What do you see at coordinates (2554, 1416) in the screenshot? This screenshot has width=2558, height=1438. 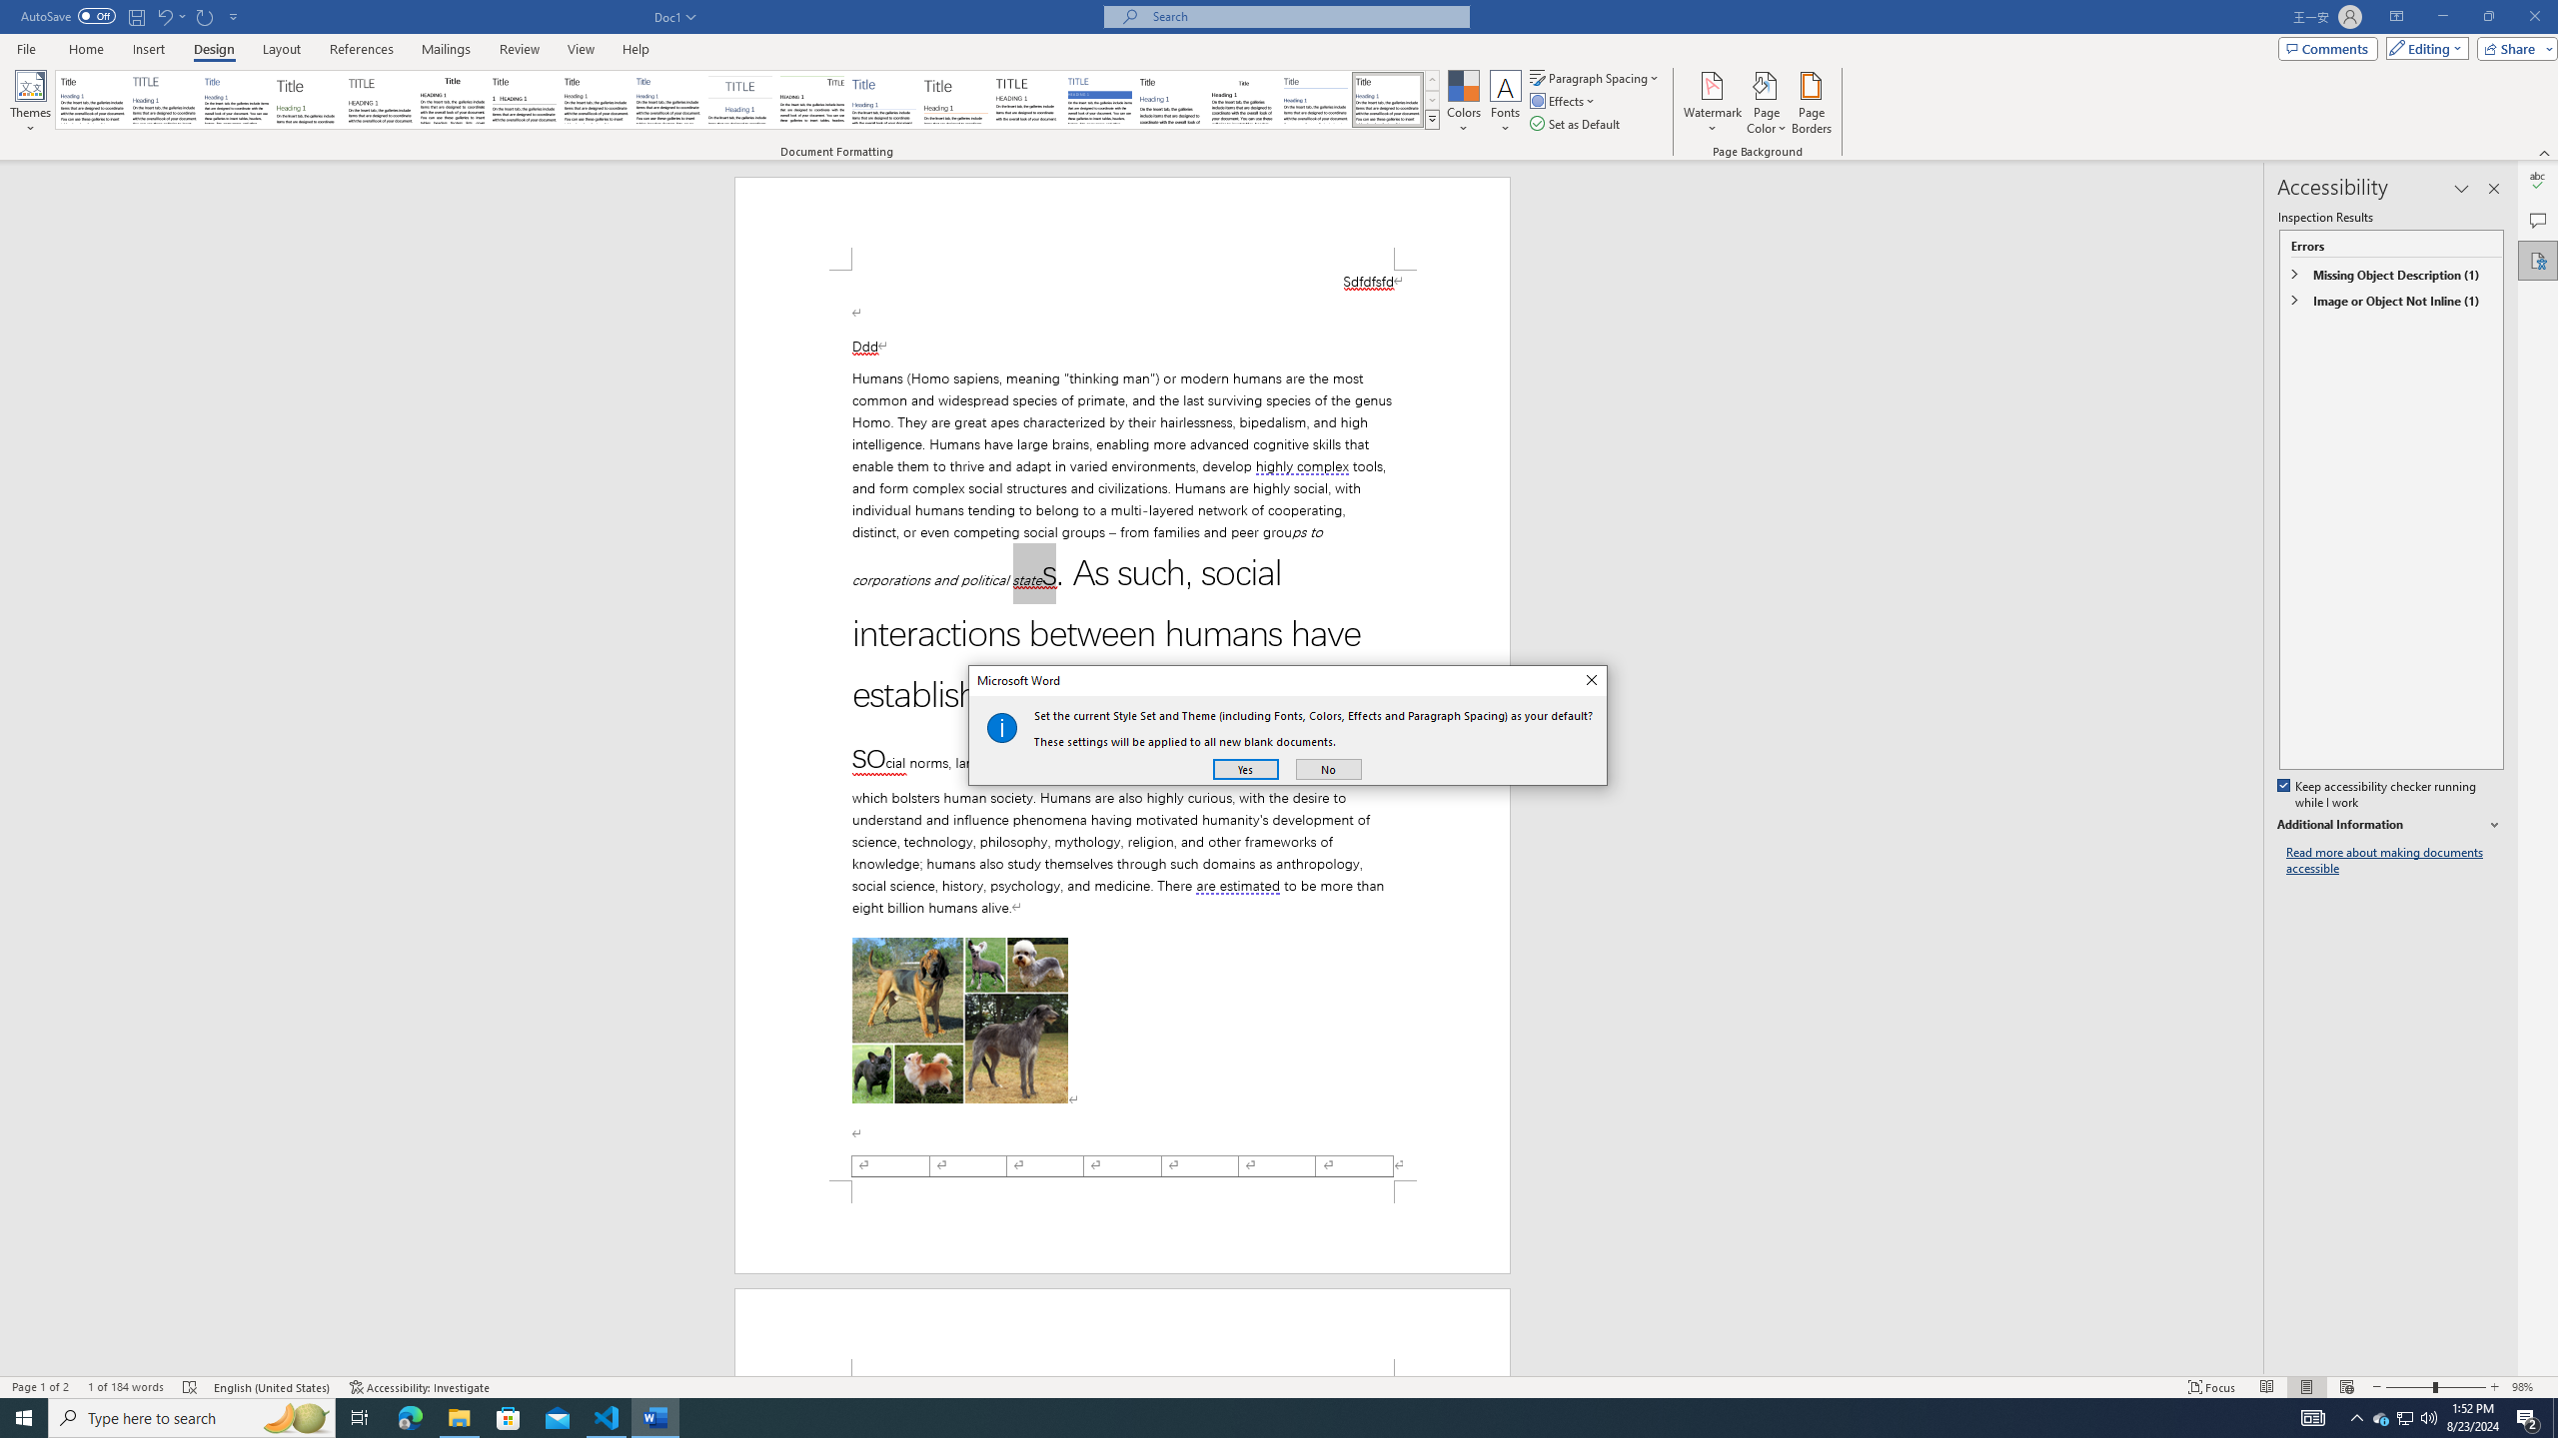 I see `'Show desktop'` at bounding box center [2554, 1416].